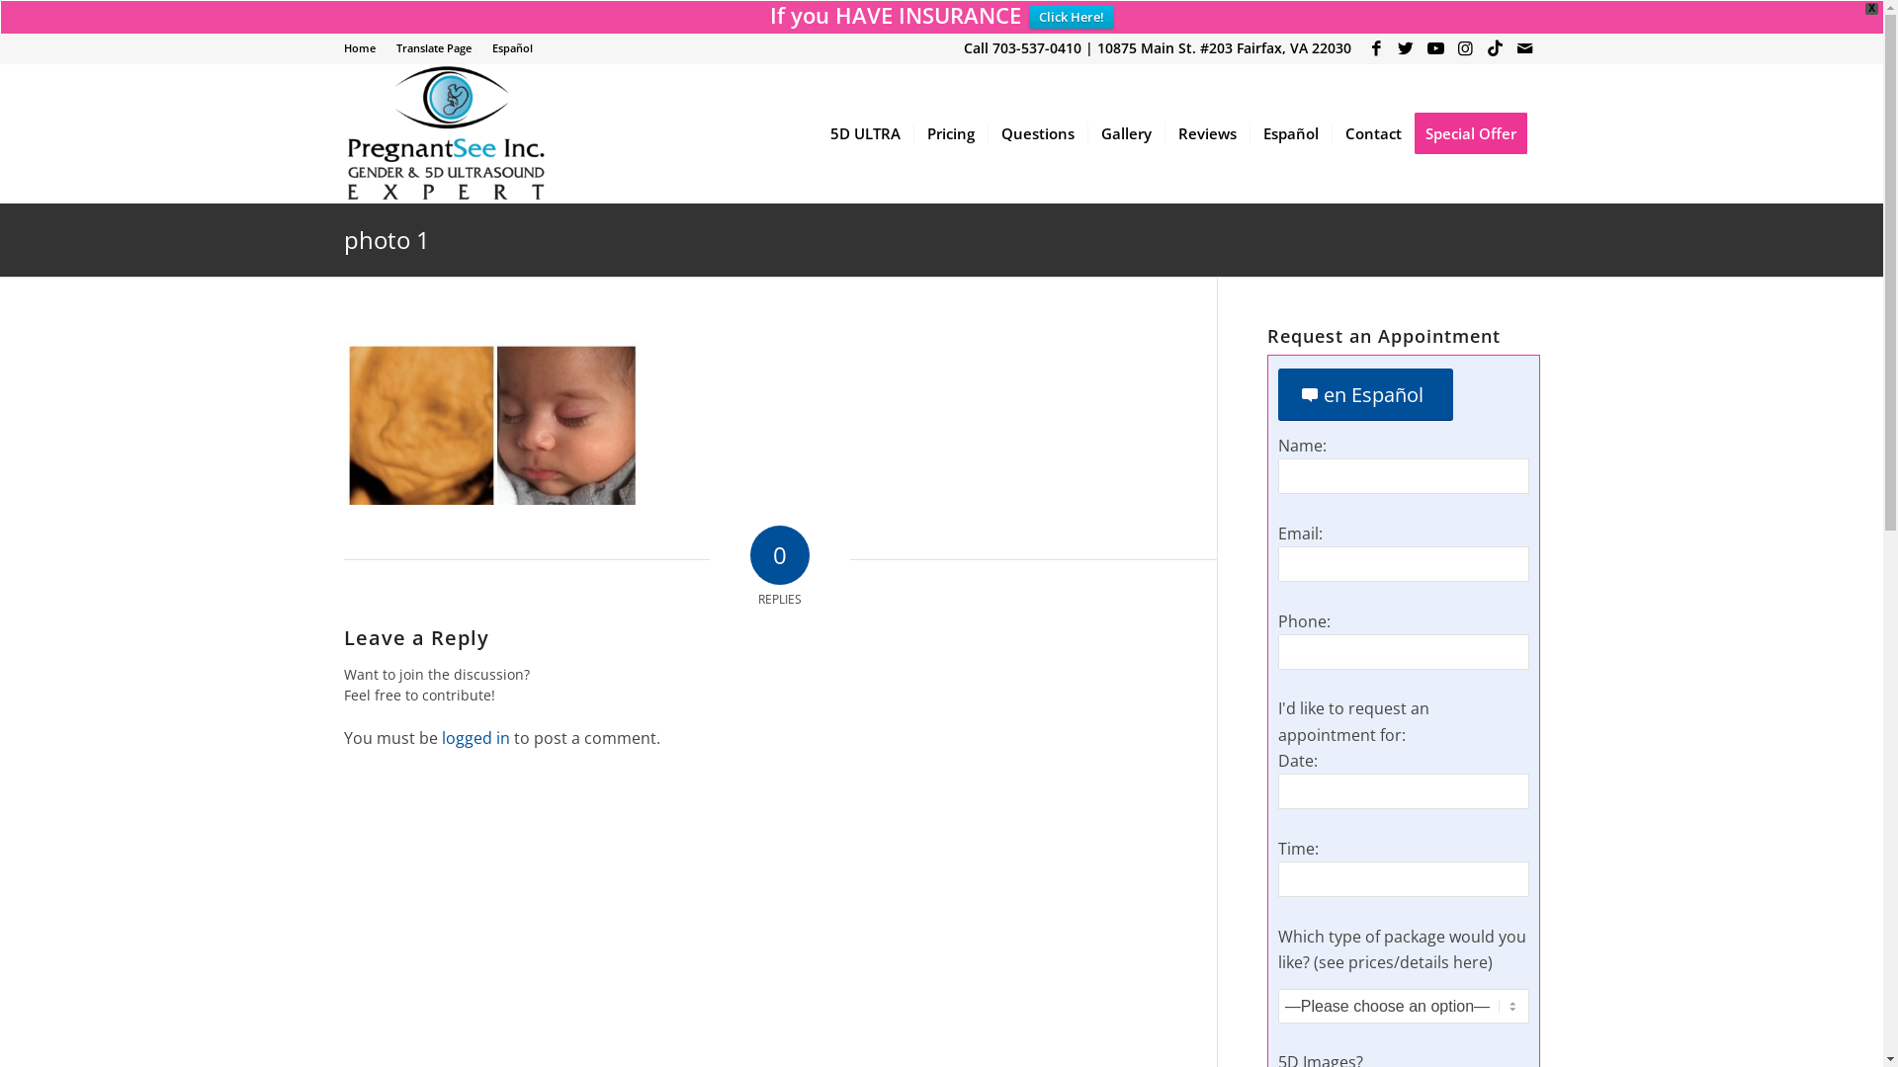 The height and width of the screenshot is (1067, 1898). Describe the element at coordinates (1205, 133) in the screenshot. I see `'Reviews'` at that location.